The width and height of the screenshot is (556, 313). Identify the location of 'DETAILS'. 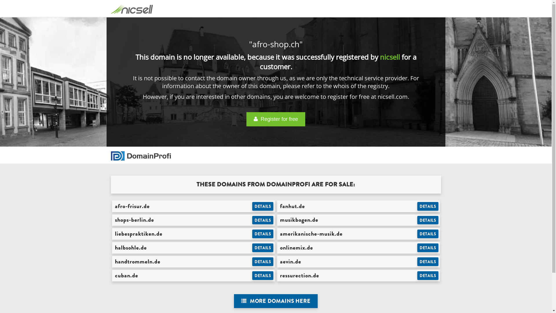
(428, 261).